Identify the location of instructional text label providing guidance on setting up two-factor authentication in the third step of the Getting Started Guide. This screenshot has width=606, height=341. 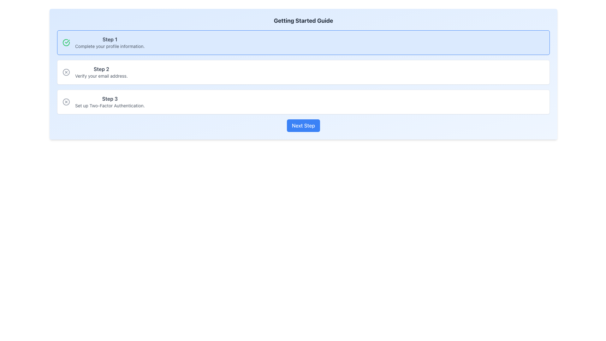
(110, 102).